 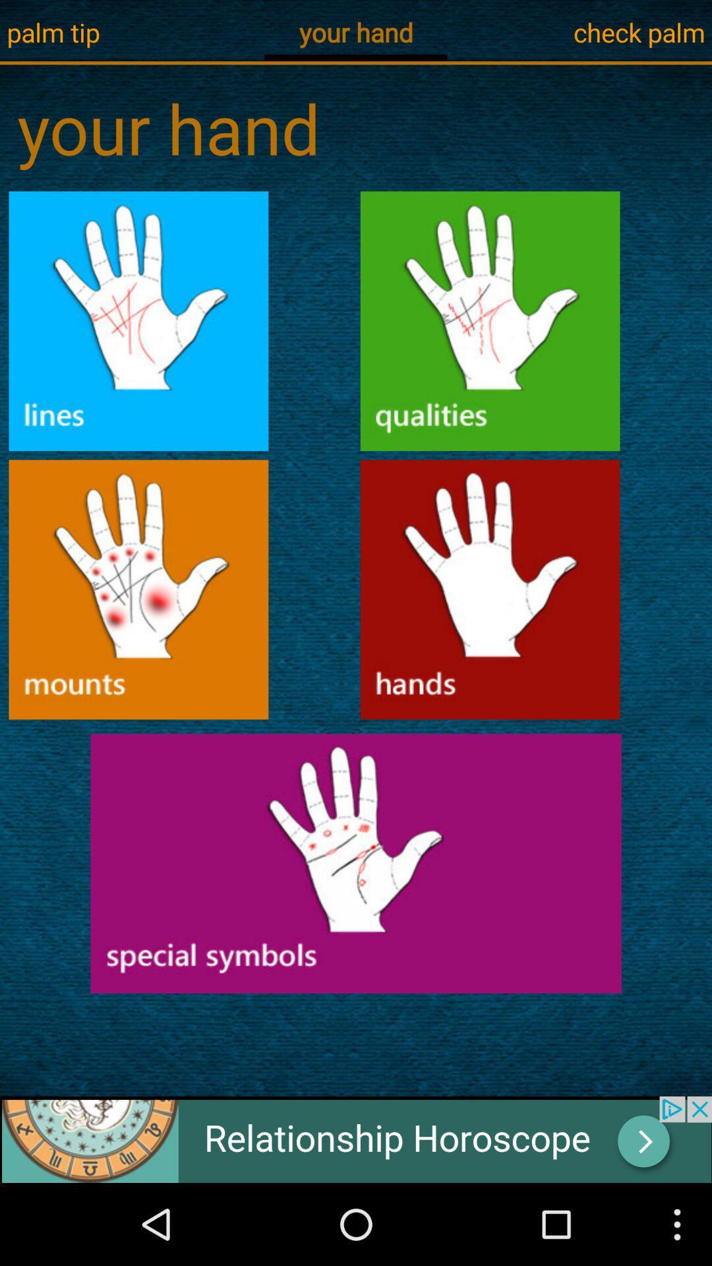 What do you see at coordinates (356, 1139) in the screenshot?
I see `the add image` at bounding box center [356, 1139].